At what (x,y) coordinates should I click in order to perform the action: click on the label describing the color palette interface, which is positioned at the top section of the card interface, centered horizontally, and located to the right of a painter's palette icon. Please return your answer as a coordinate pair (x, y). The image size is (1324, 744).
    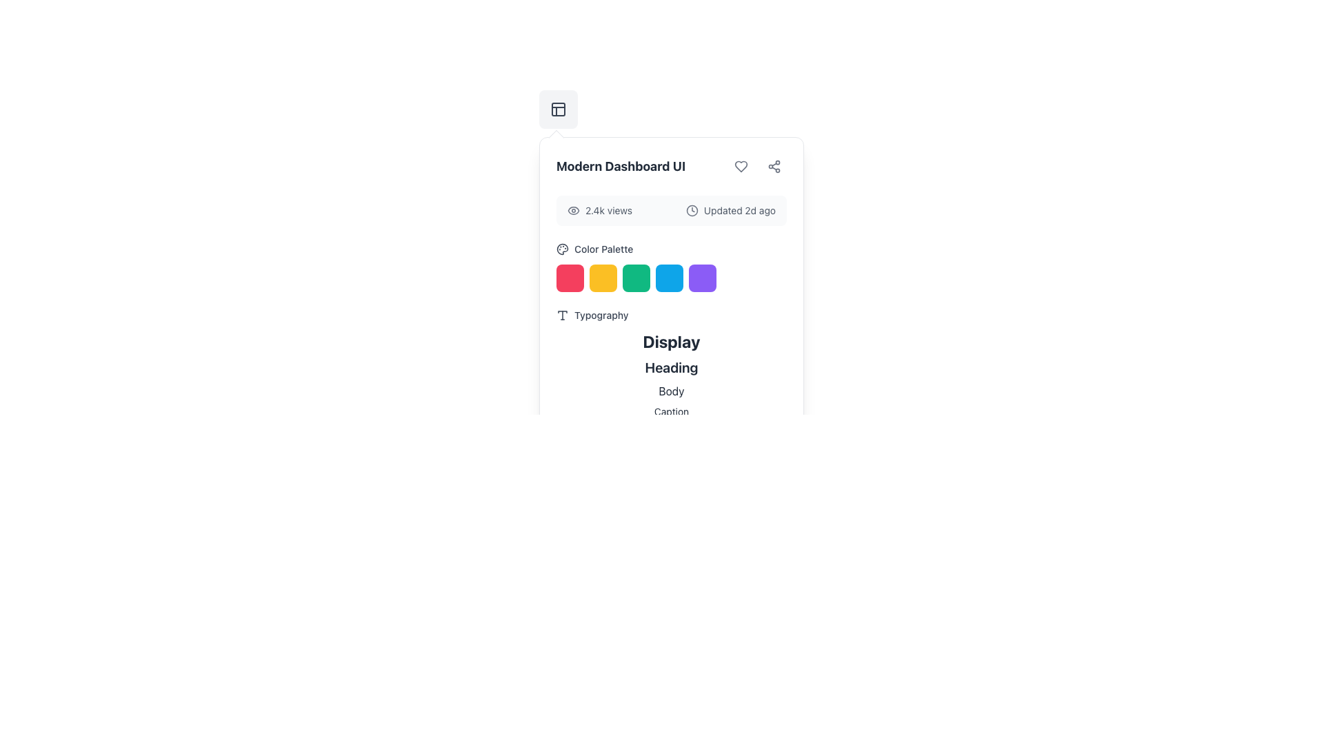
    Looking at the image, I should click on (603, 249).